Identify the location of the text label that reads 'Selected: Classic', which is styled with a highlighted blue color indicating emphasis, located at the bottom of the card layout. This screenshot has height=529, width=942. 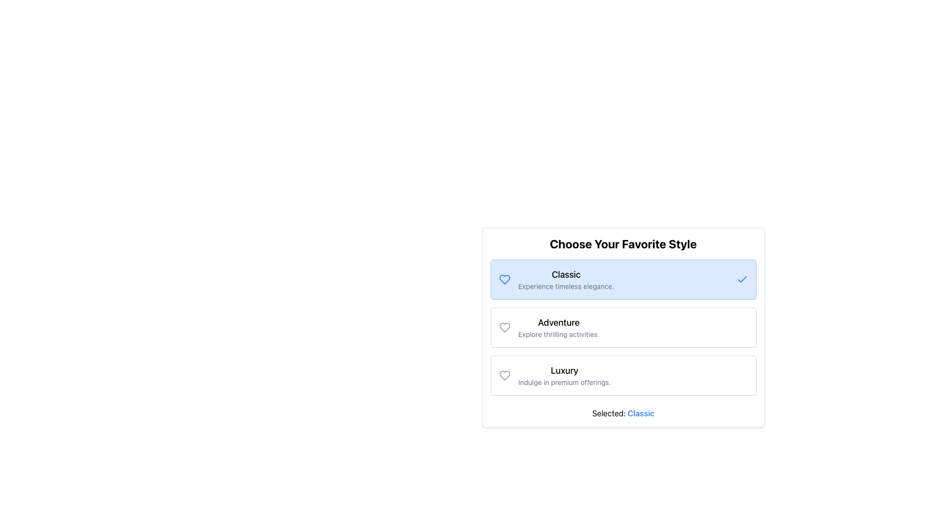
(623, 413).